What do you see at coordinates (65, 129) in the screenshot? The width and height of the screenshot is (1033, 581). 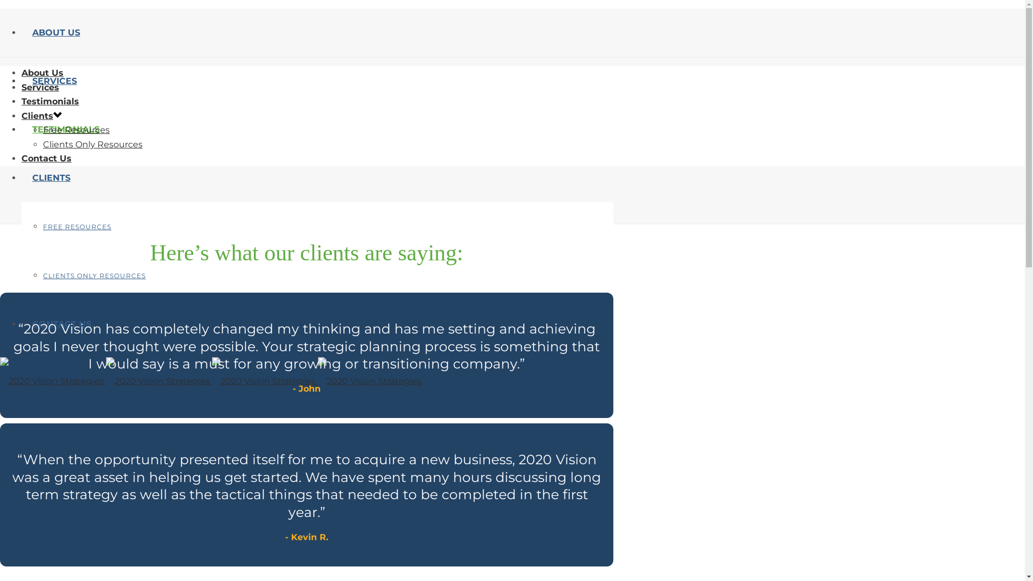 I see `'TESTIMONIALS'` at bounding box center [65, 129].